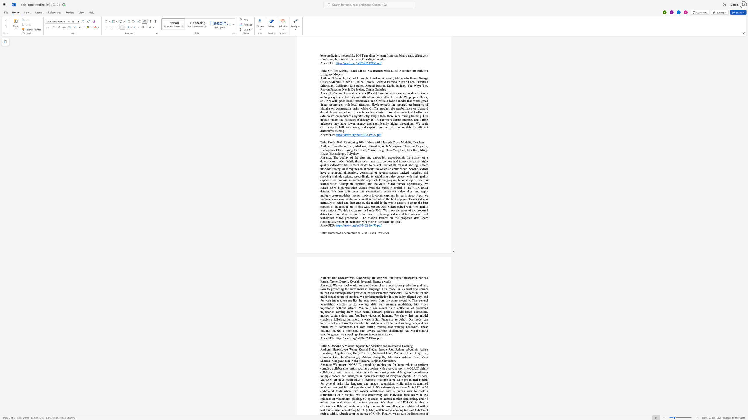 The image size is (748, 420). What do you see at coordinates (324, 338) in the screenshot?
I see `the 1th character "x" in the text` at bounding box center [324, 338].